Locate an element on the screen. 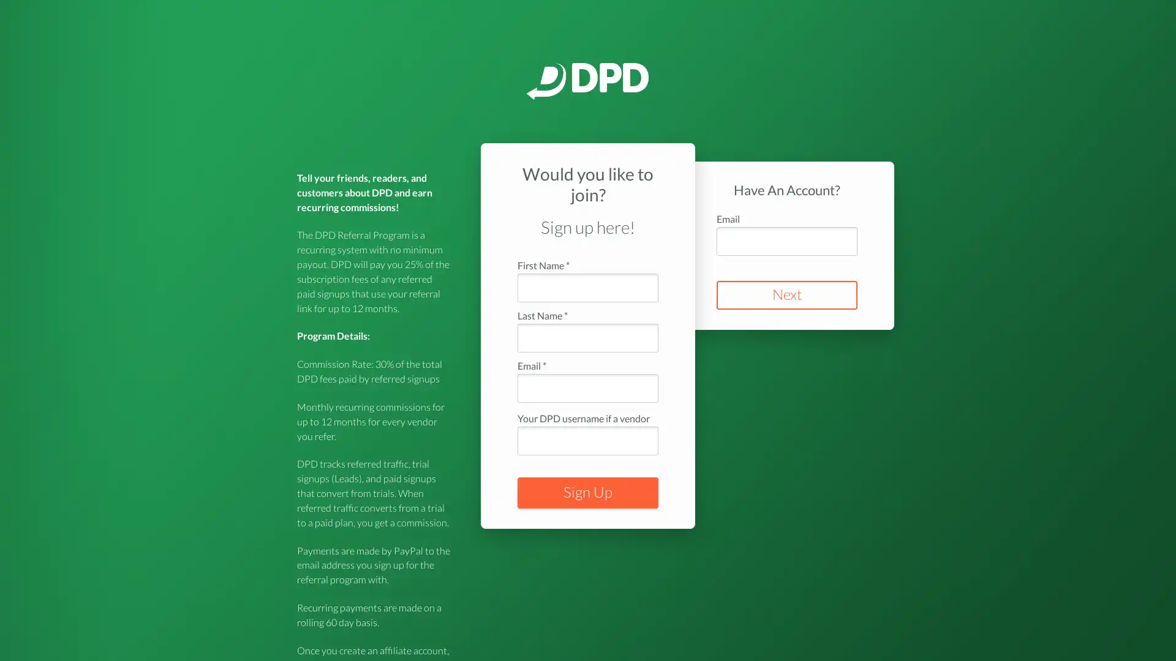 The image size is (1176, 661). Next is located at coordinates (787, 295).